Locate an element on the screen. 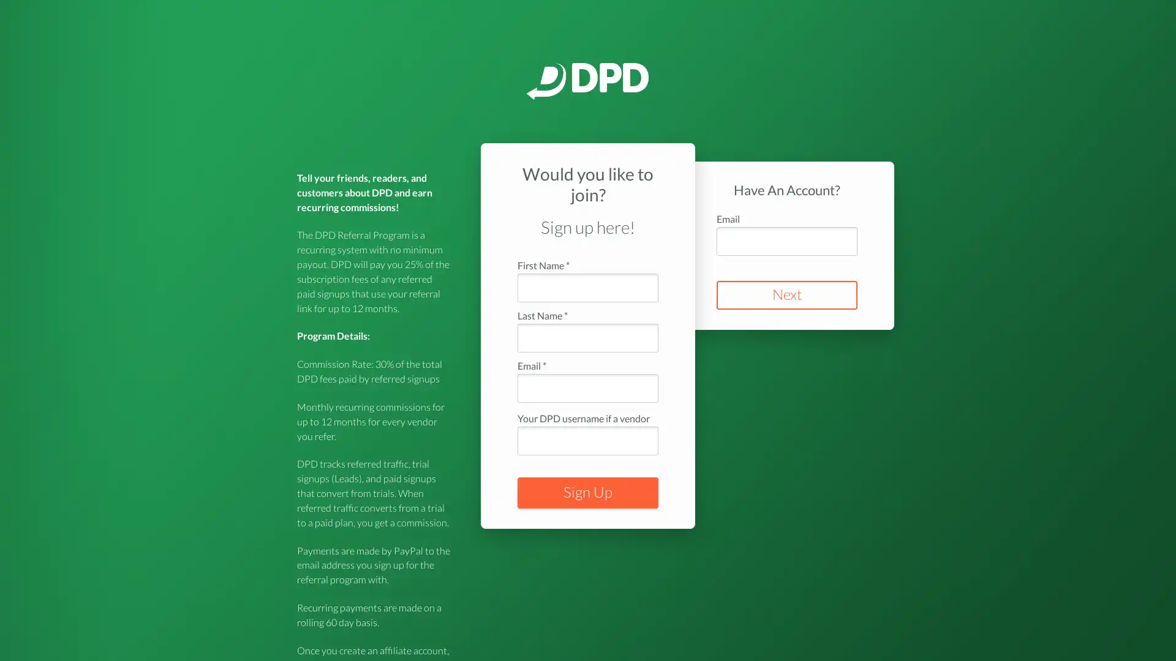 The image size is (1176, 661). Next is located at coordinates (787, 295).